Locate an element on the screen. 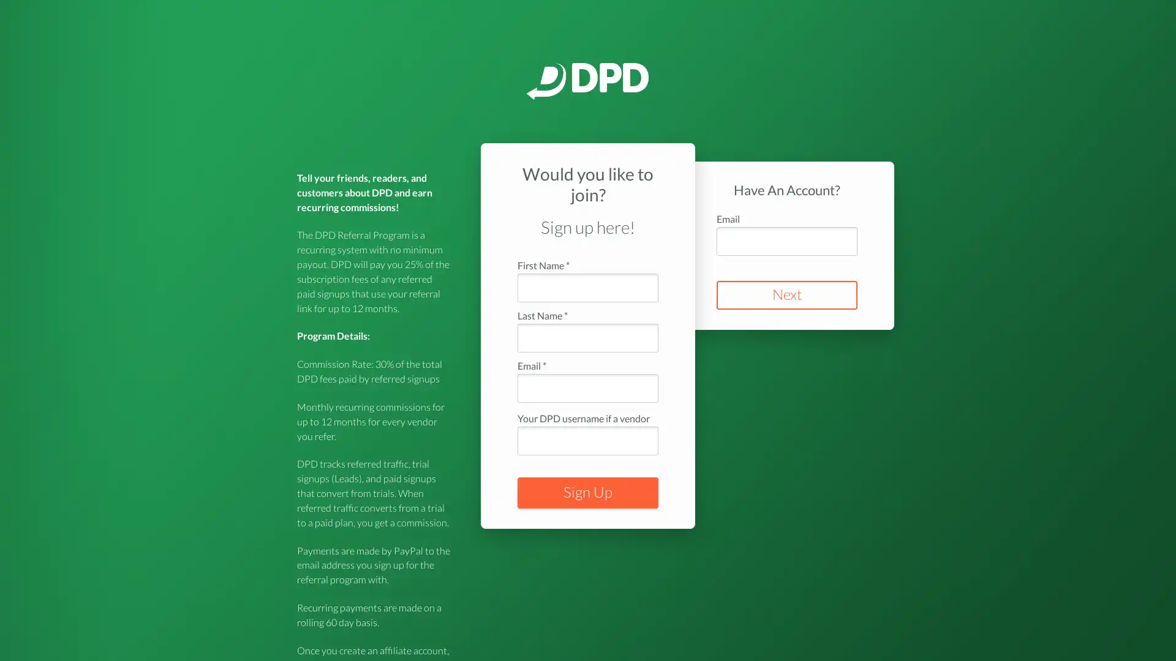 The image size is (1176, 661). Next is located at coordinates (787, 295).